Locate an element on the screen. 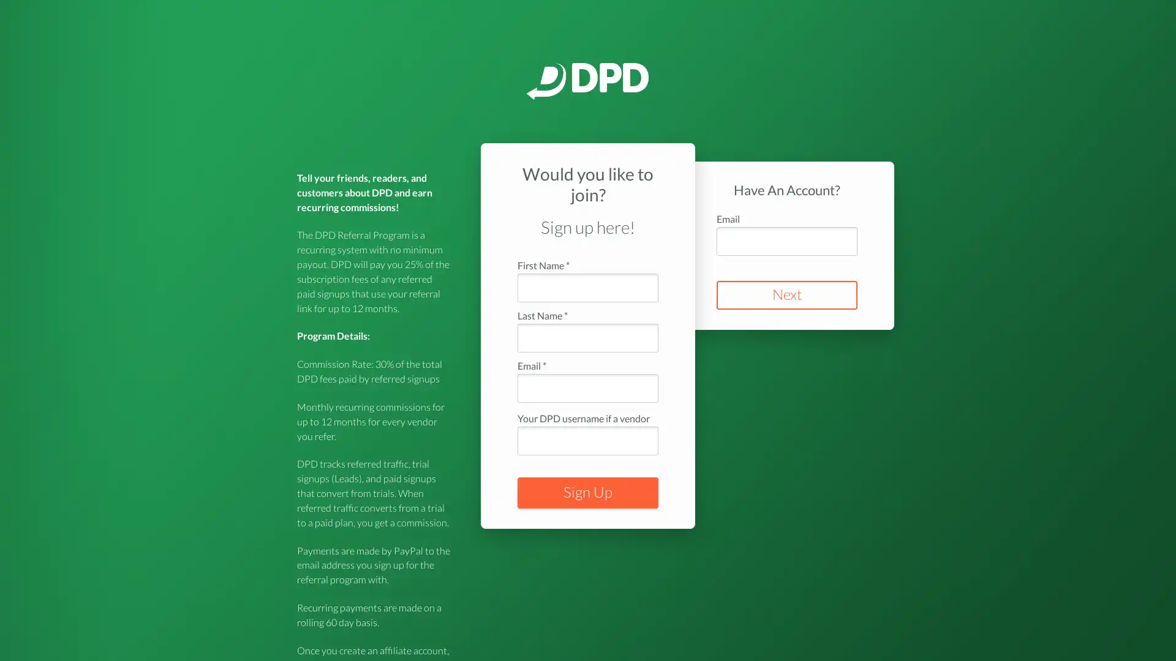 The image size is (1176, 661). Next is located at coordinates (787, 295).